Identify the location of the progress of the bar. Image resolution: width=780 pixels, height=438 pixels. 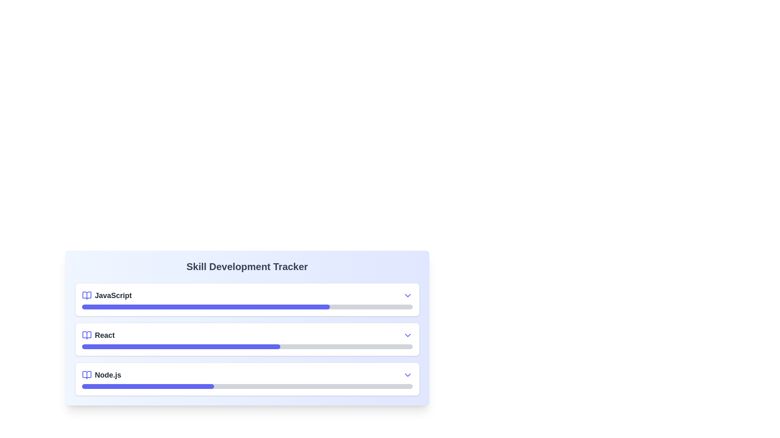
(326, 347).